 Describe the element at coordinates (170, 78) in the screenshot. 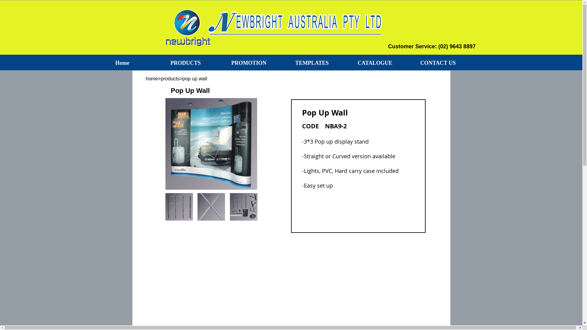

I see `'products'` at that location.